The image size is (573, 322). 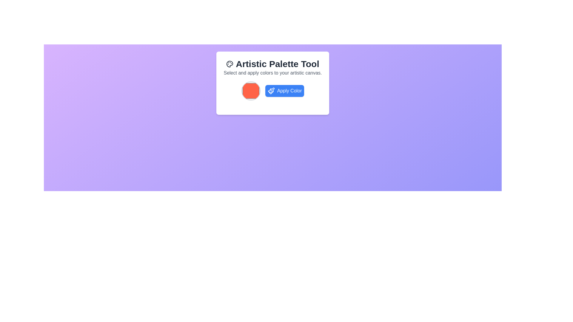 What do you see at coordinates (271, 91) in the screenshot?
I see `the paintbrush icon located within the blue button labeled 'Apply Color', which is positioned to the right of the orange color selector inside a white card layout` at bounding box center [271, 91].